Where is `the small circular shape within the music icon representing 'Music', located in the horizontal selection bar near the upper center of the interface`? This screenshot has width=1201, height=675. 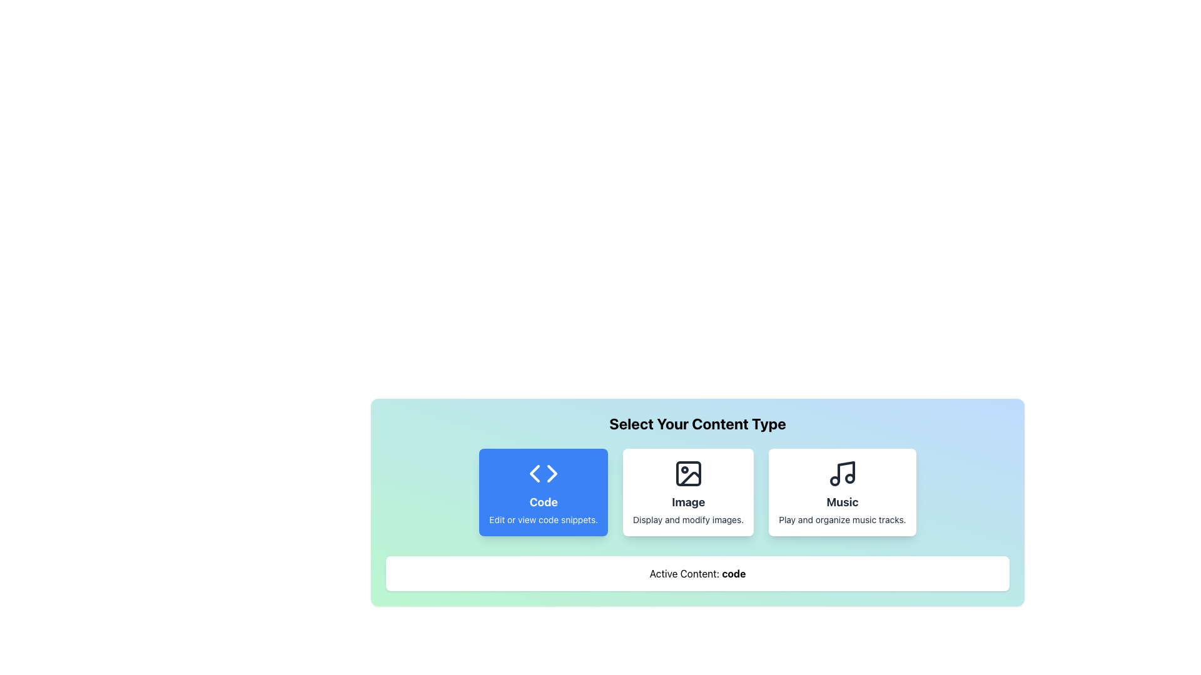 the small circular shape within the music icon representing 'Music', located in the horizontal selection bar near the upper center of the interface is located at coordinates (849, 478).